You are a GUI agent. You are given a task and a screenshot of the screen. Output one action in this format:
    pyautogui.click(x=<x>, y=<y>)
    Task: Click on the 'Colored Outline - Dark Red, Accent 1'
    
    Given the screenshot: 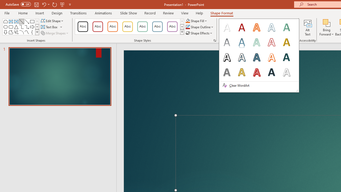 What is the action you would take?
    pyautogui.click(x=98, y=27)
    